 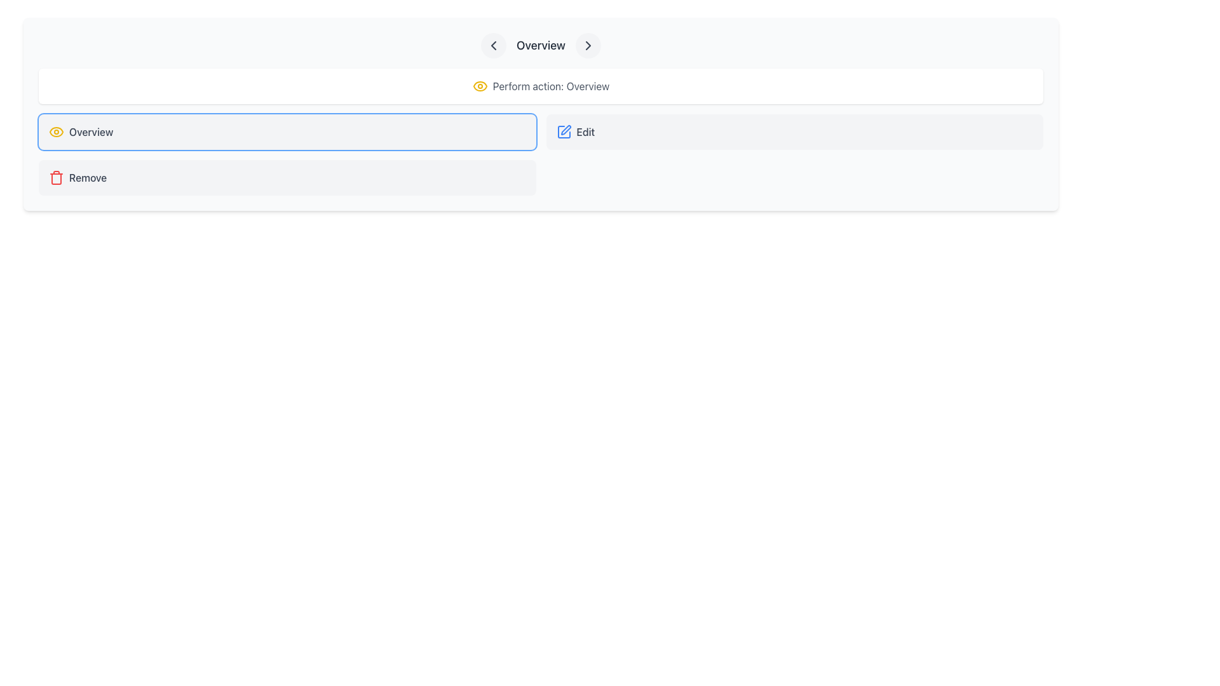 I want to click on the small circular button with a light gray background and a right-pointing arrow icon, located to the right of the 'Overview' text label, so click(x=588, y=45).